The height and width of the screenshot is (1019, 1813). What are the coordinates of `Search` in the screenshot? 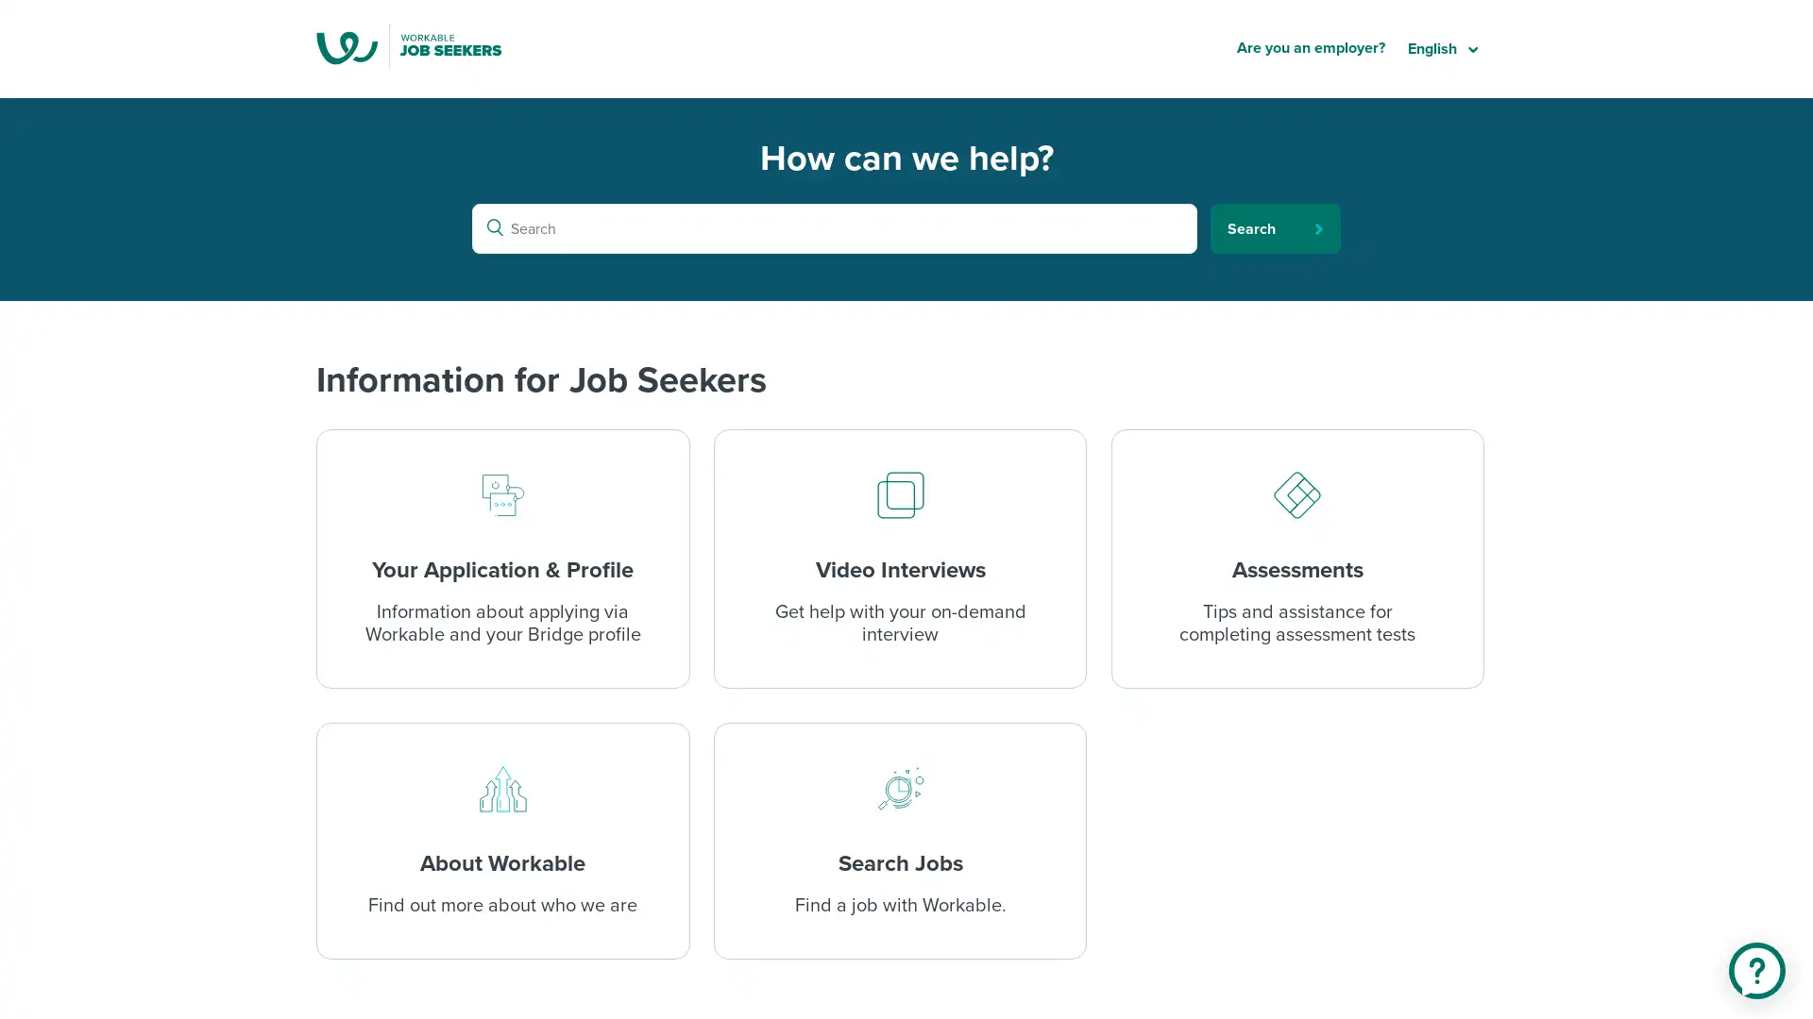 It's located at (1275, 227).